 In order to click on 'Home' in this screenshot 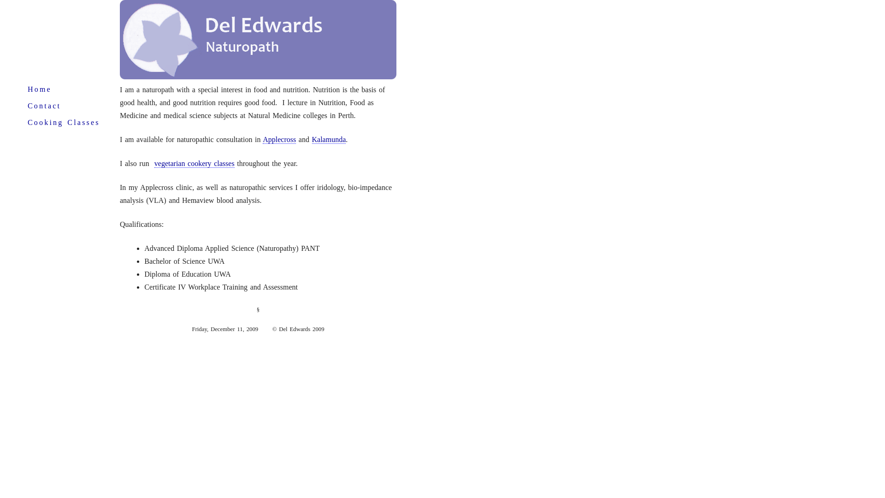, I will do `click(27, 89)`.